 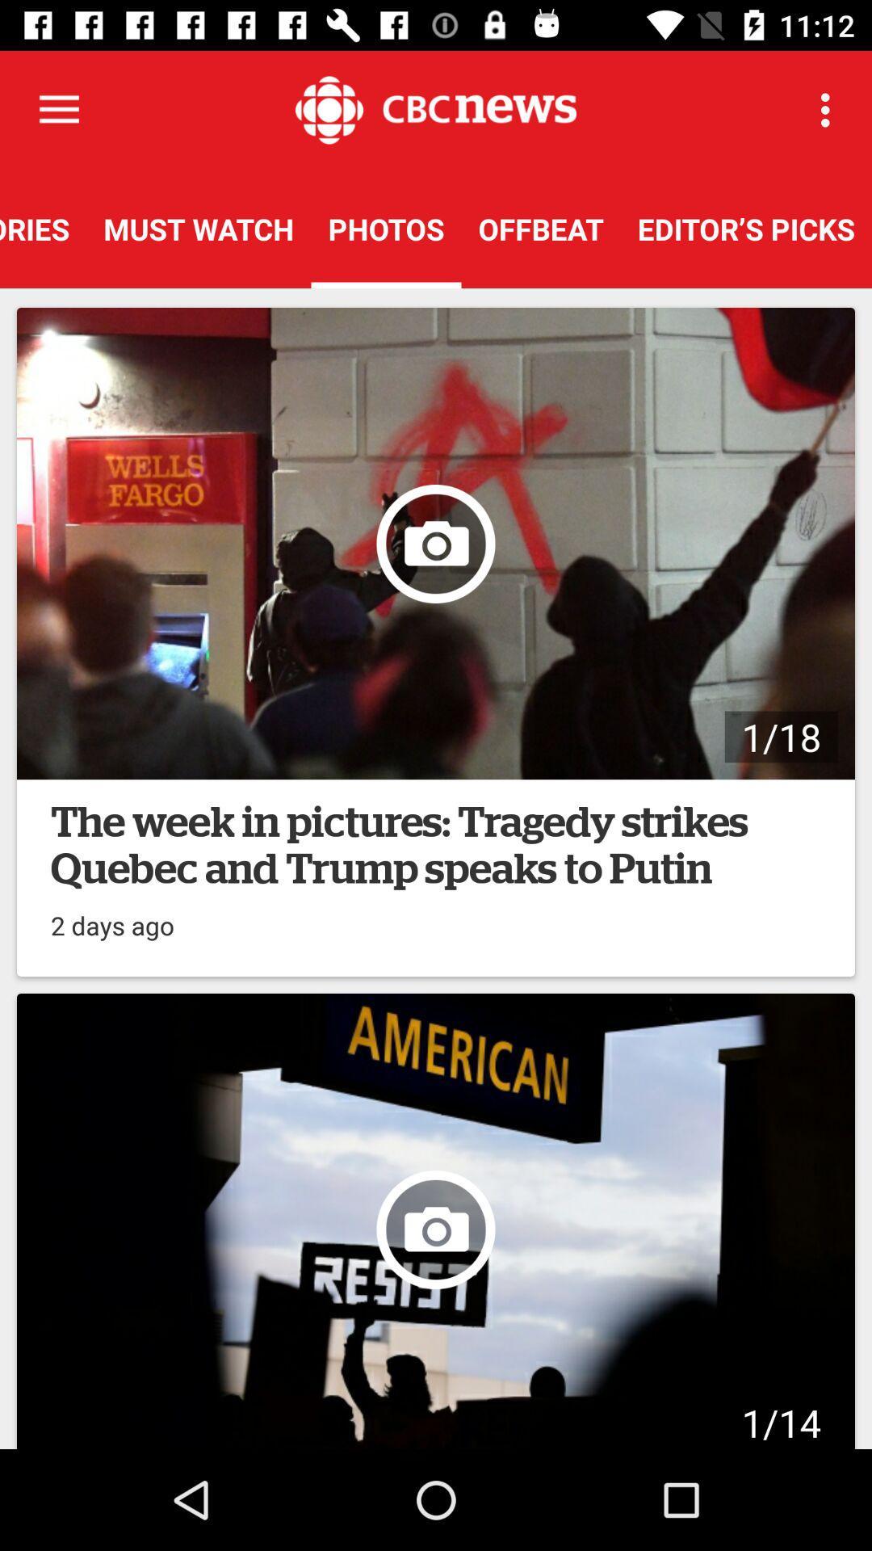 I want to click on icon to the left of must watch item, so click(x=42, y=228).